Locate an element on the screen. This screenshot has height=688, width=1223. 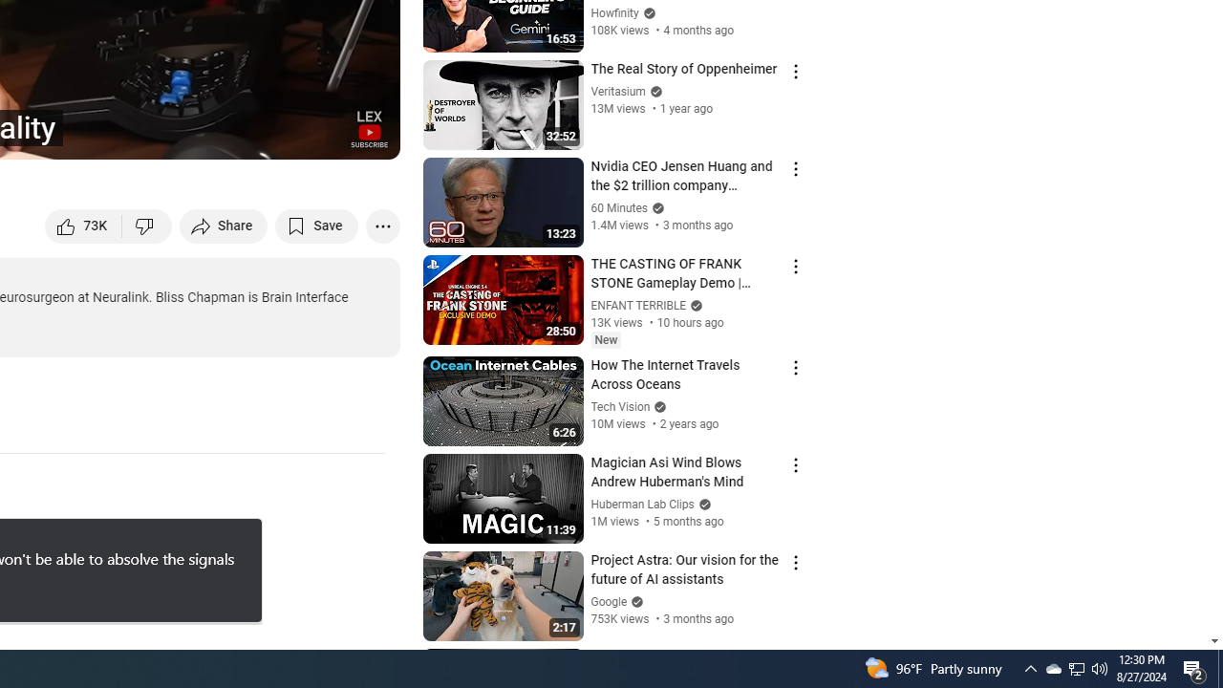
'like this video along with 73,133 other people' is located at coordinates (83, 225).